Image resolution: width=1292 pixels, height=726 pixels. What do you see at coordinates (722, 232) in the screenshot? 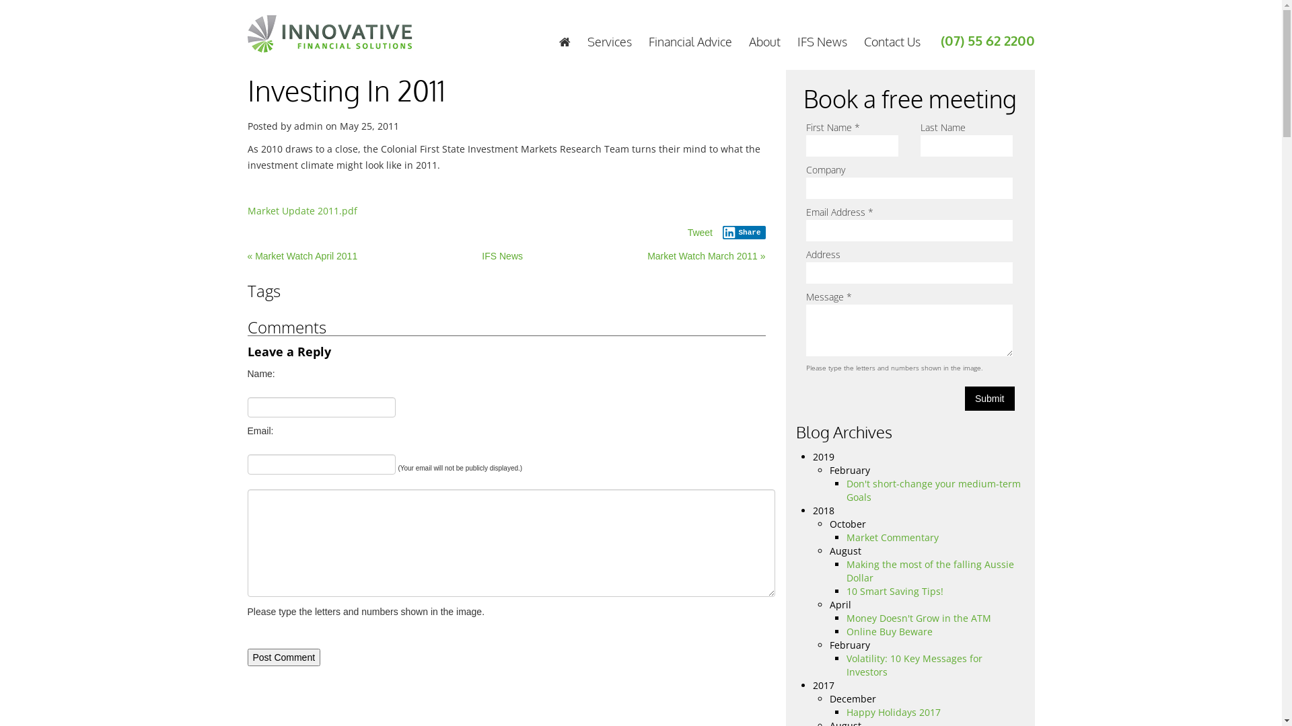
I see `'Share'` at bounding box center [722, 232].